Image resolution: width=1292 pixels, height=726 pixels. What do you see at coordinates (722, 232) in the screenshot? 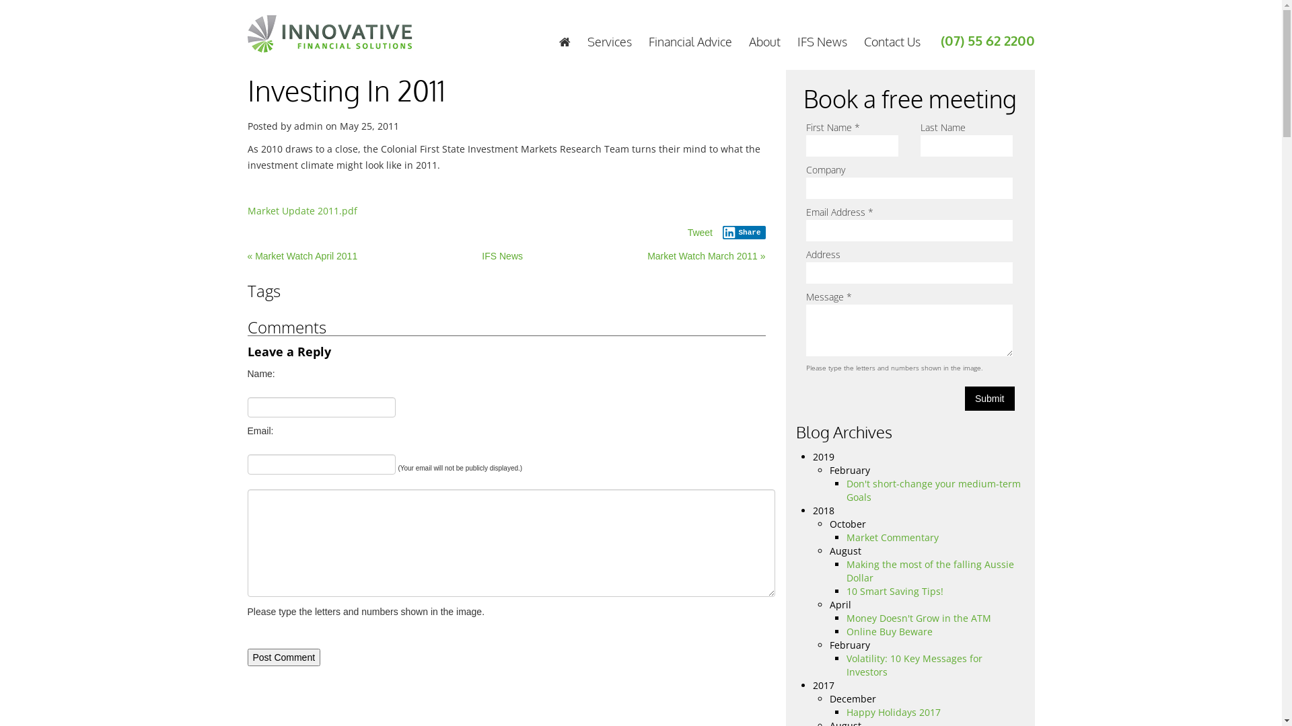
I see `'Share'` at bounding box center [722, 232].